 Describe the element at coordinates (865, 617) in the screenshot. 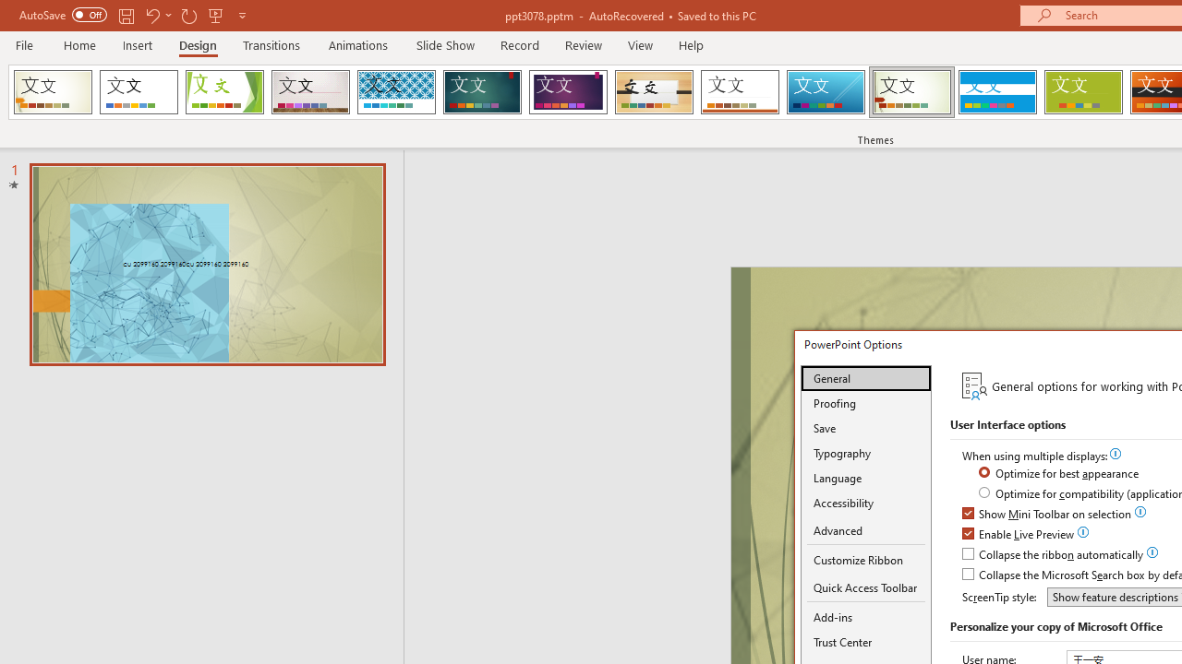

I see `'Add-ins'` at that location.